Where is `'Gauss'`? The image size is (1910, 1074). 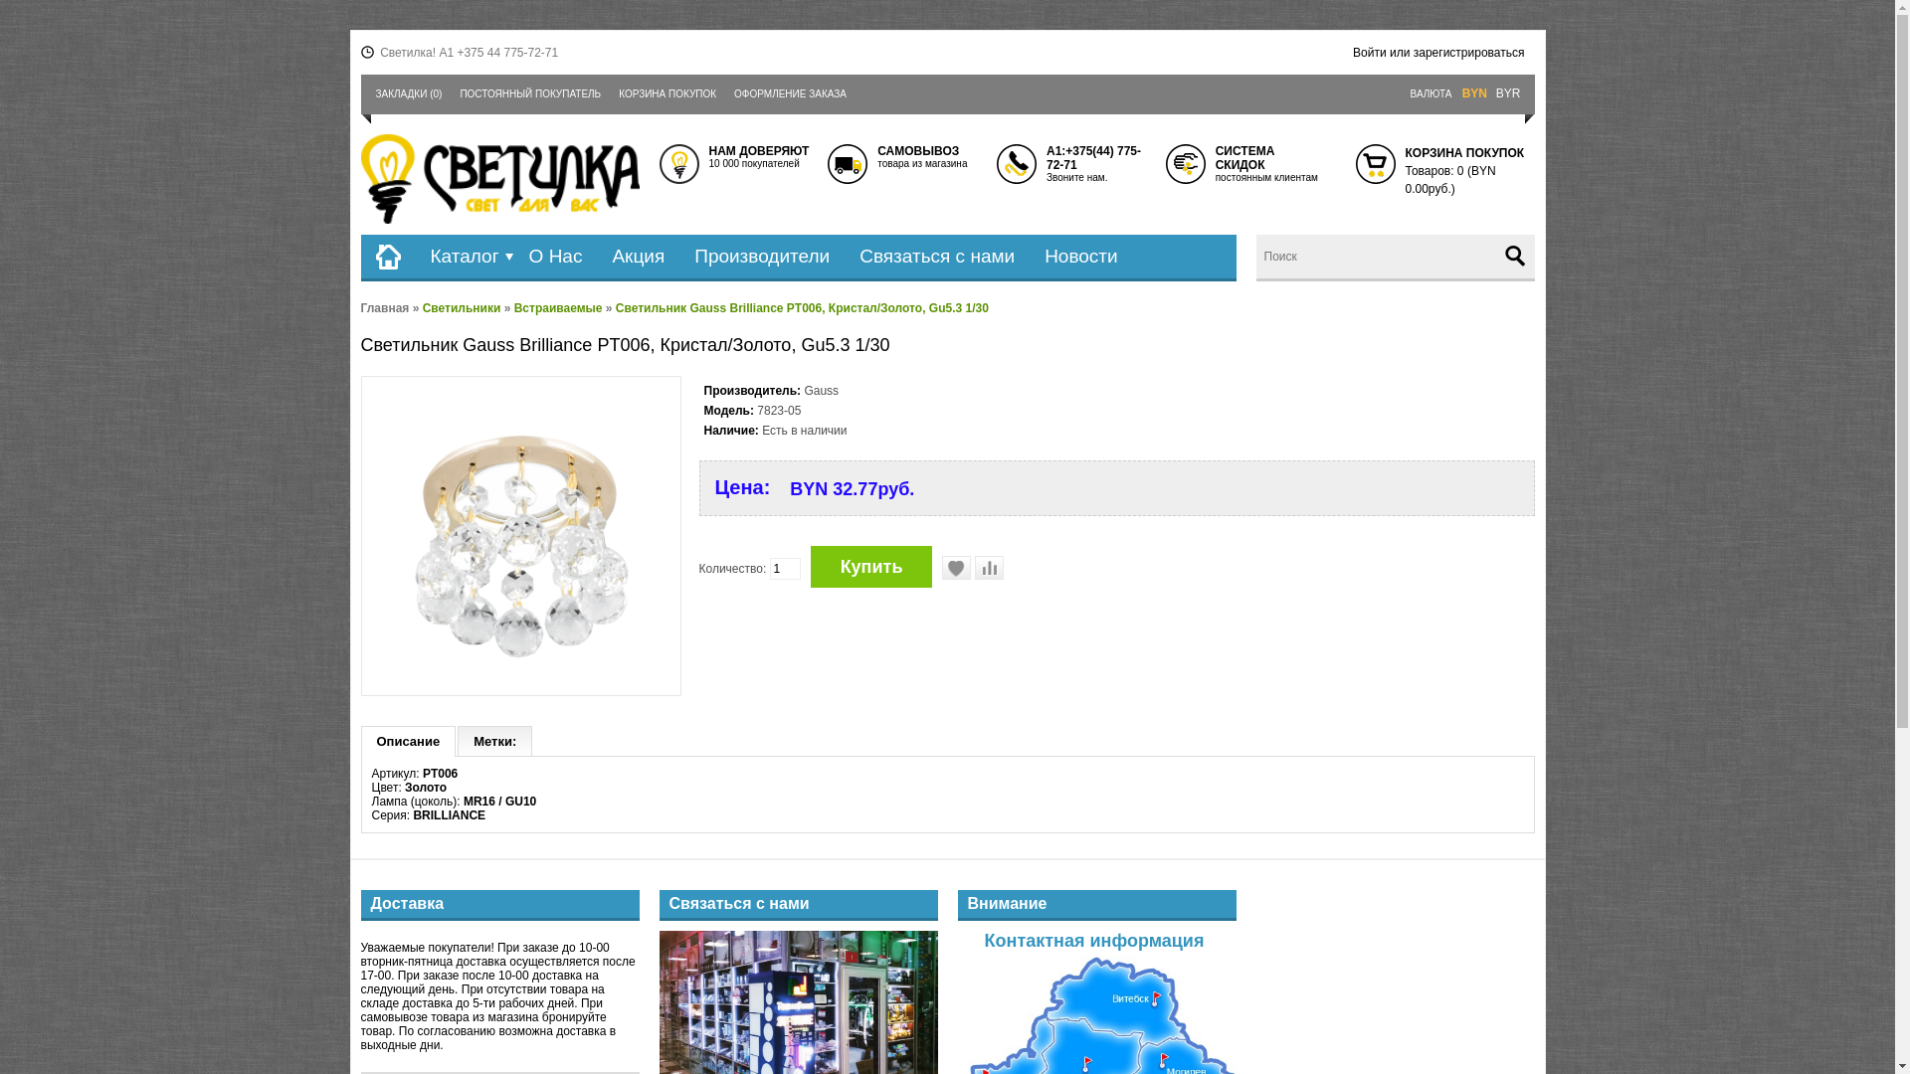 'Gauss' is located at coordinates (821, 391).